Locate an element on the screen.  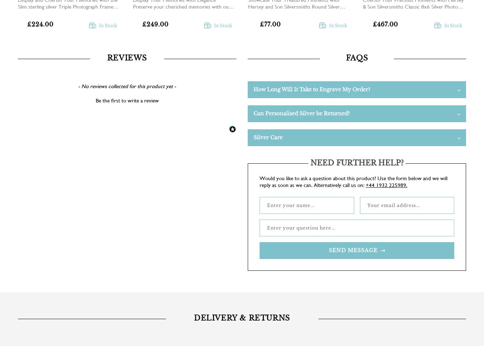
'£467.00' is located at coordinates (385, 24).